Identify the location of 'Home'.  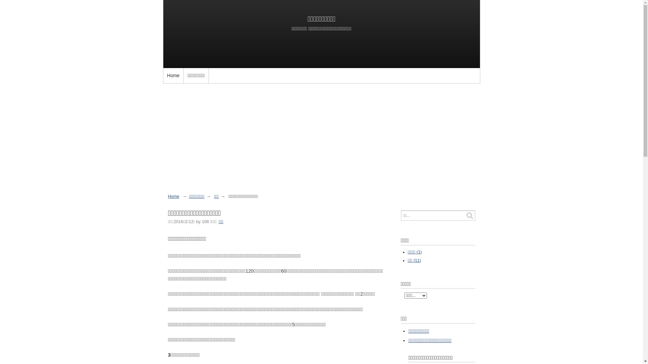
(173, 75).